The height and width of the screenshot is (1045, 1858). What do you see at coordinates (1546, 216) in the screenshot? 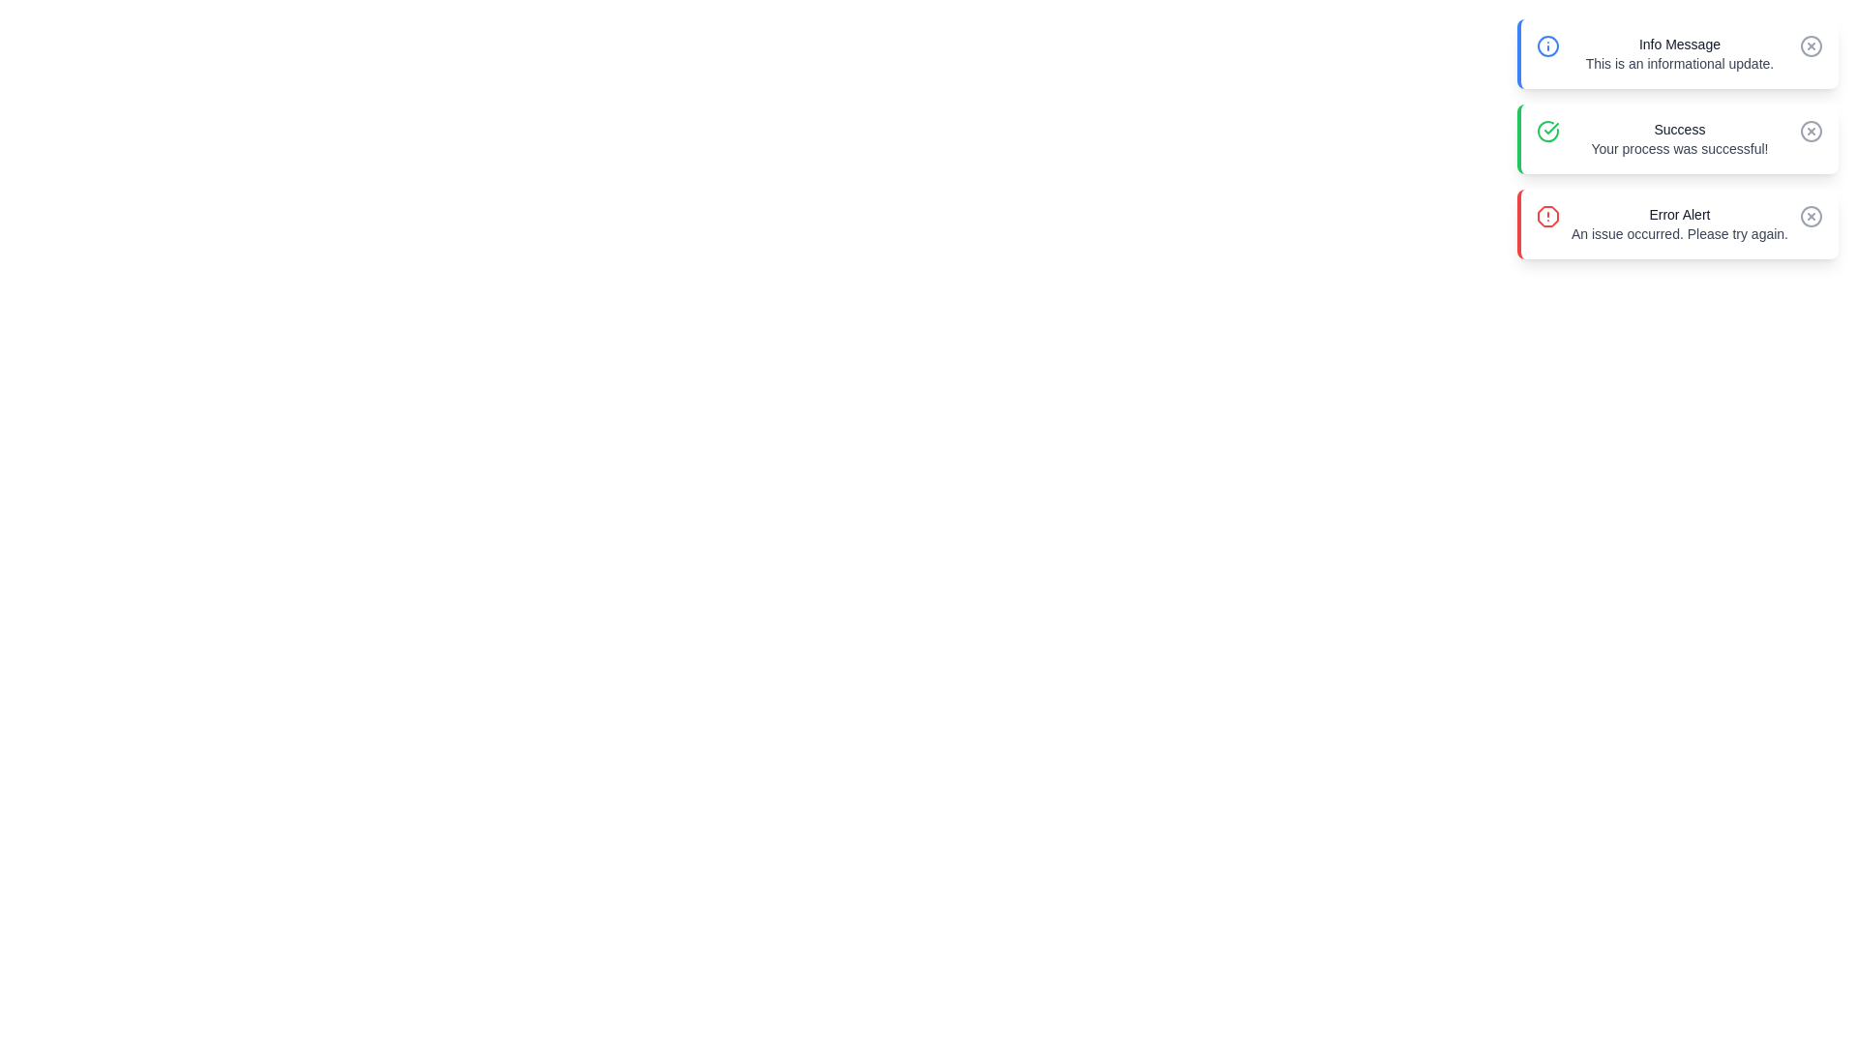
I see `the warning/error icon located in the bottom-most notification section, next to the 'Error Alert' text` at bounding box center [1546, 216].